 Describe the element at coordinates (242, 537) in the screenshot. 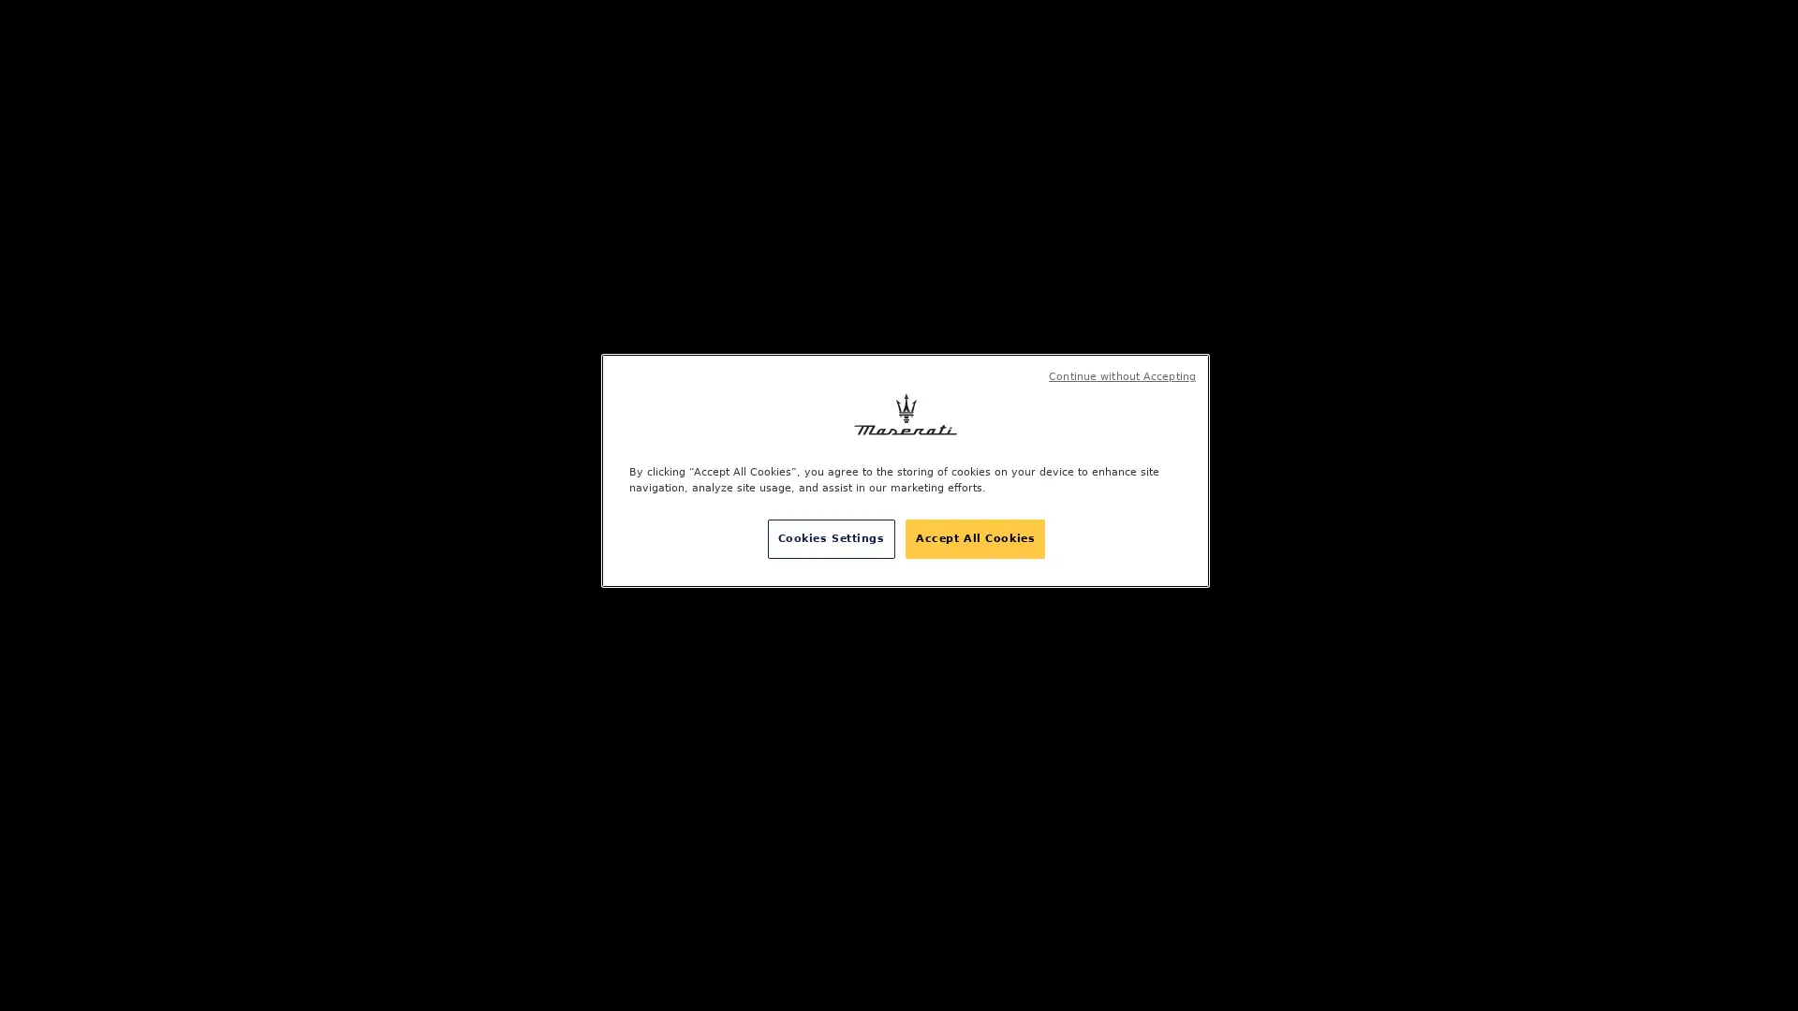

I see `next` at that location.